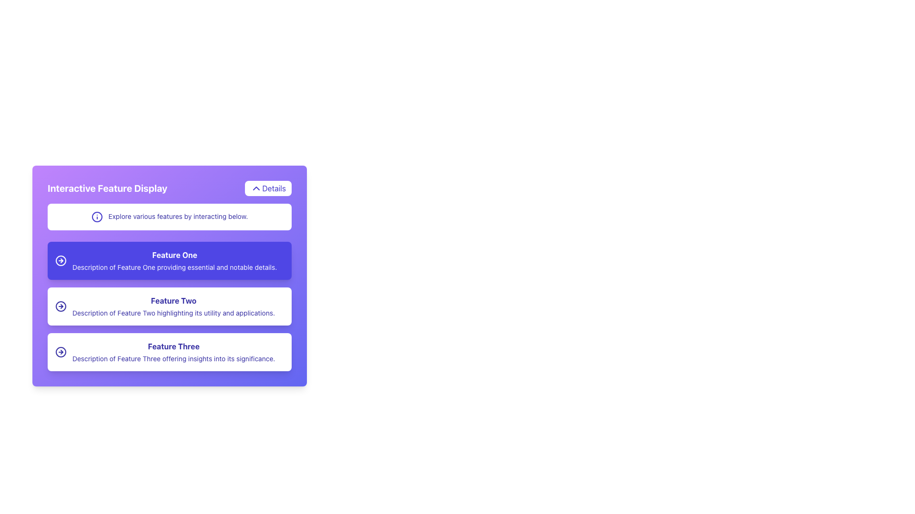 The image size is (915, 514). What do you see at coordinates (169, 352) in the screenshot?
I see `the List item with icon and text that describes 'Feature Three', which is the third listing in the feature panel` at bounding box center [169, 352].